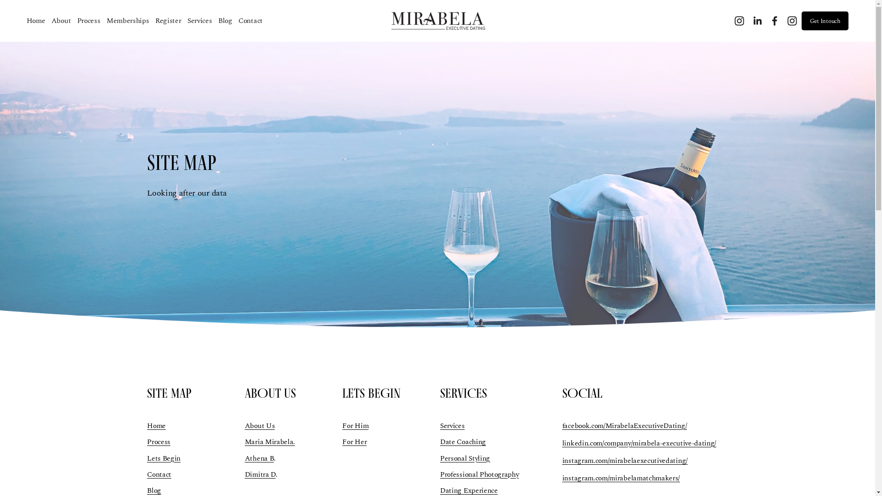  What do you see at coordinates (147, 425) in the screenshot?
I see `'Home'` at bounding box center [147, 425].